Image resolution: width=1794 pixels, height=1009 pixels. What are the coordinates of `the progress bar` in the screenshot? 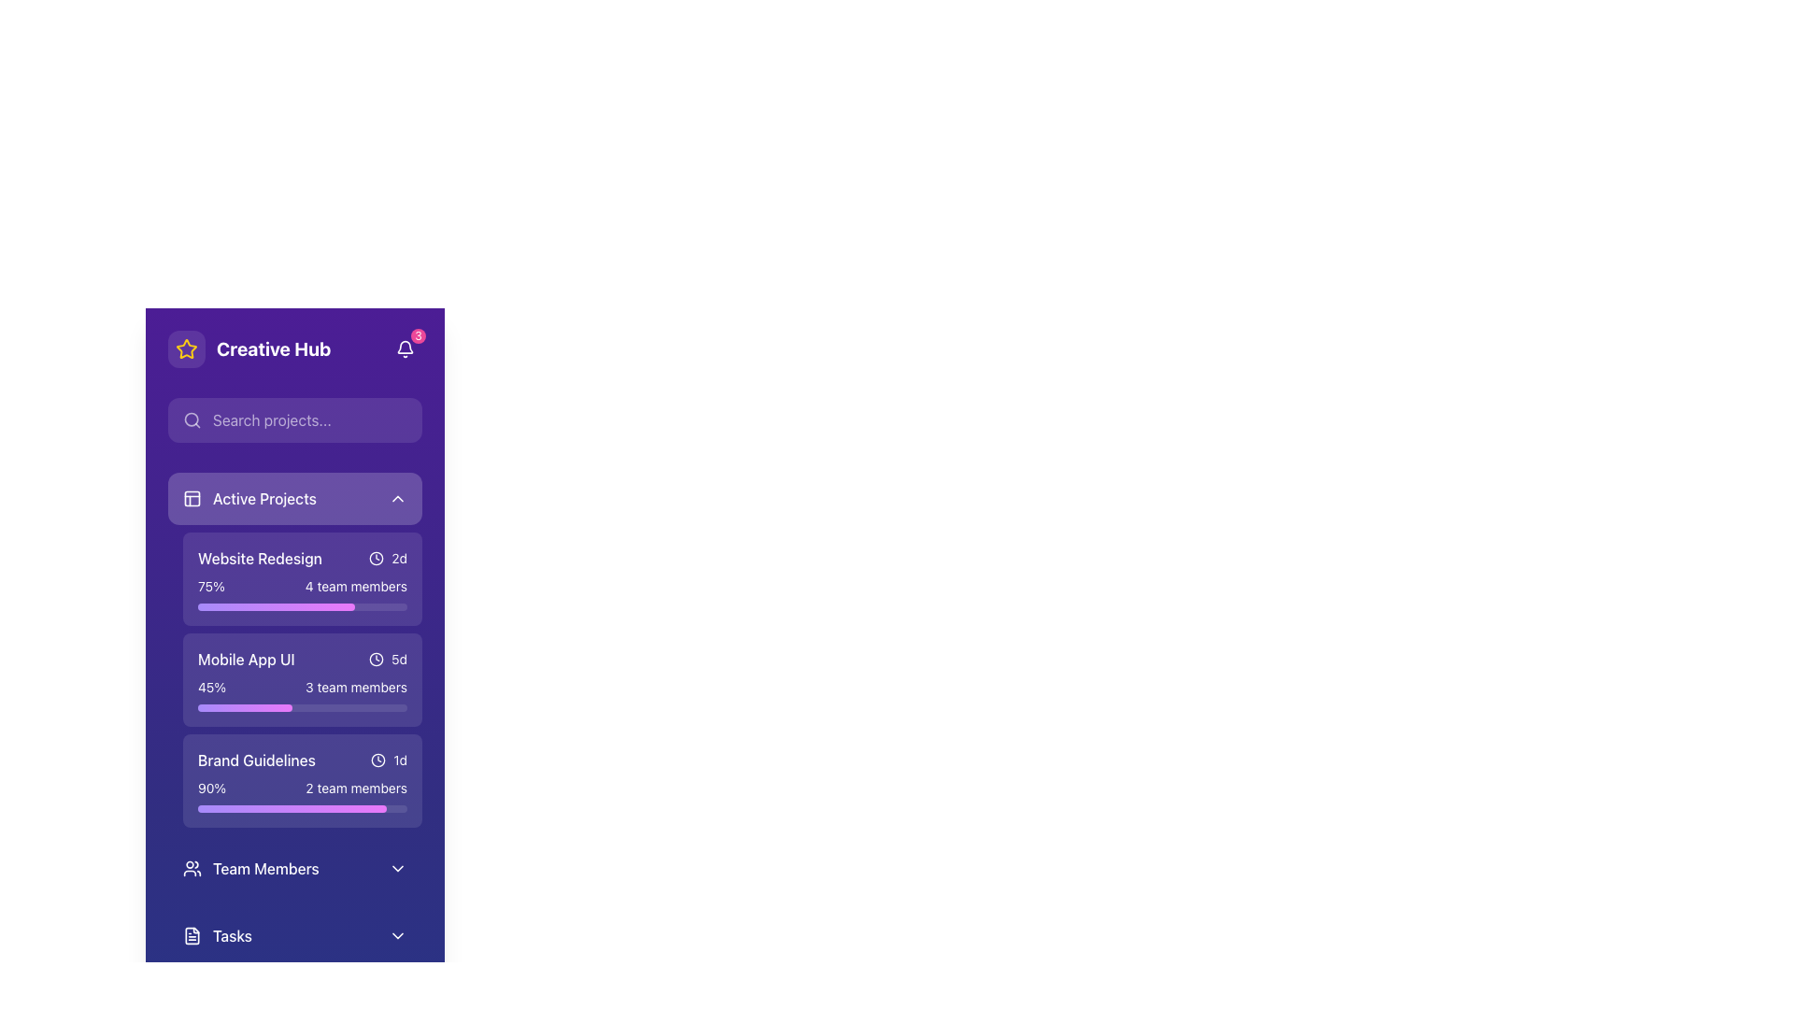 It's located at (365, 808).